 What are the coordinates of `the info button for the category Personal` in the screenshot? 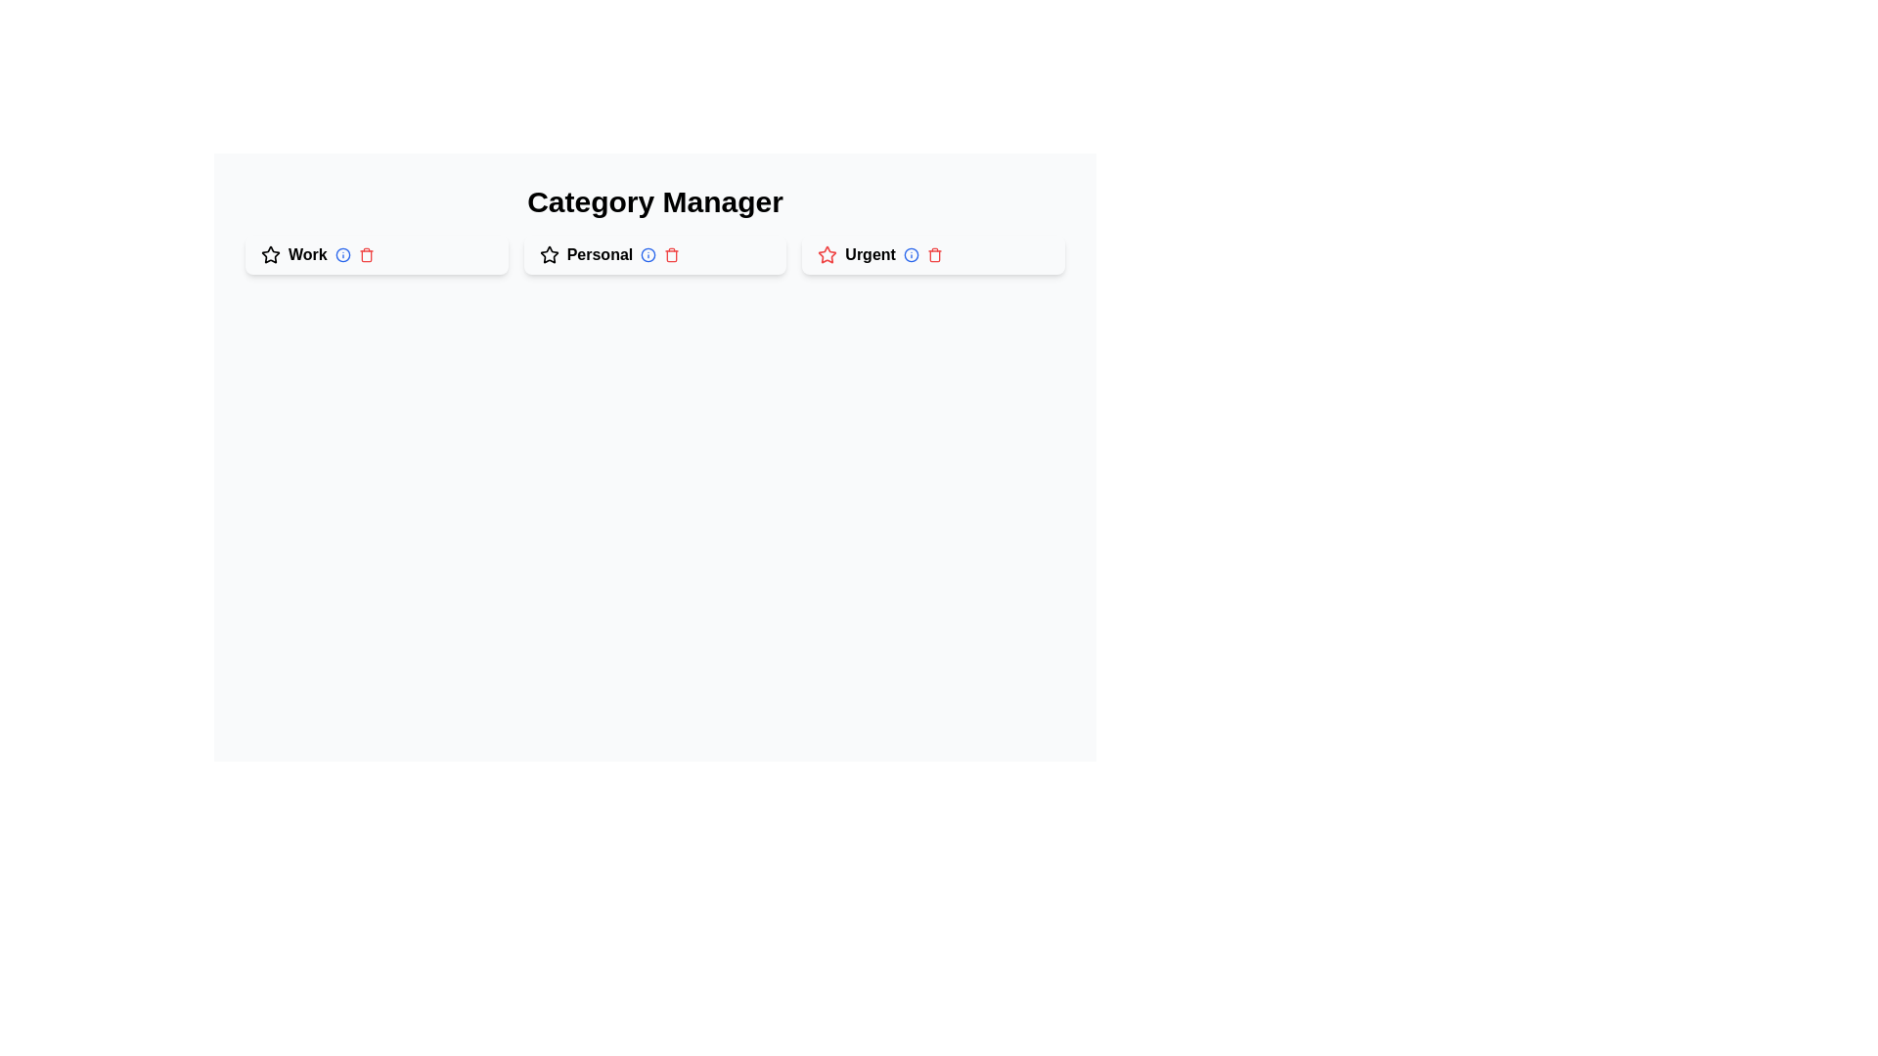 It's located at (648, 254).